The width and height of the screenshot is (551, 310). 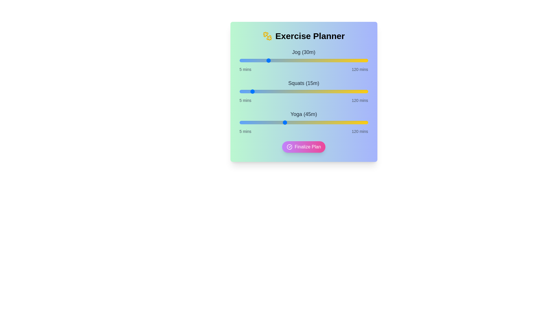 What do you see at coordinates (265, 91) in the screenshot?
I see `the duration of the 1 slider to 28 minutes` at bounding box center [265, 91].